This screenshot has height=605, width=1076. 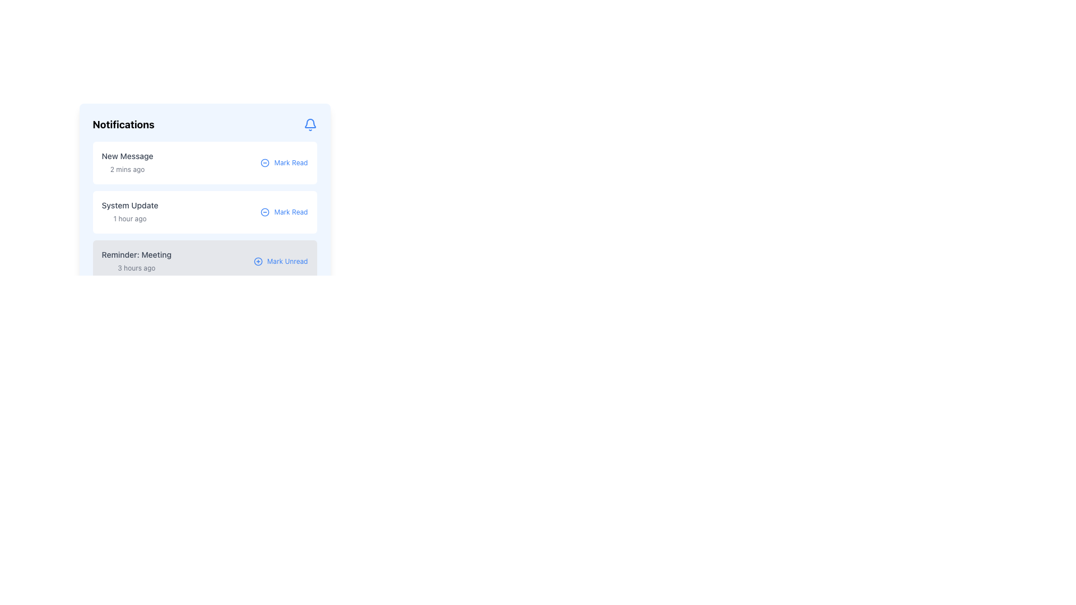 I want to click on the text label that displays the time elapsed since the notification was received, located beneath the main title 'Reminder: Meeting' in the lower left quadrant of the notification entry, so click(x=136, y=268).